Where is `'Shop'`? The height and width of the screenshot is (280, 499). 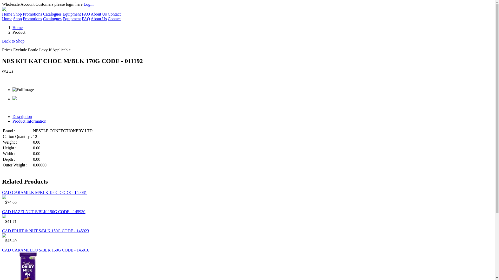
'Shop' is located at coordinates (17, 14).